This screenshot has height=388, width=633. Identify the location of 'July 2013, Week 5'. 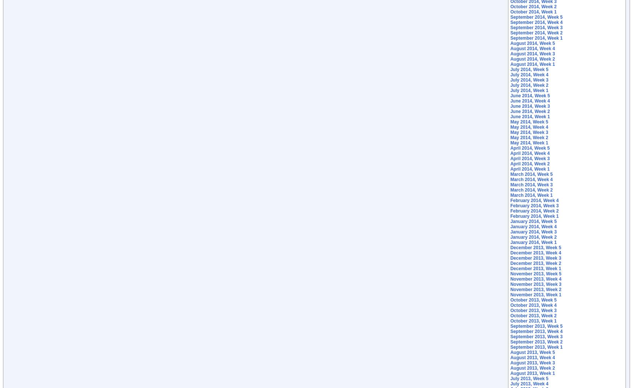
(529, 379).